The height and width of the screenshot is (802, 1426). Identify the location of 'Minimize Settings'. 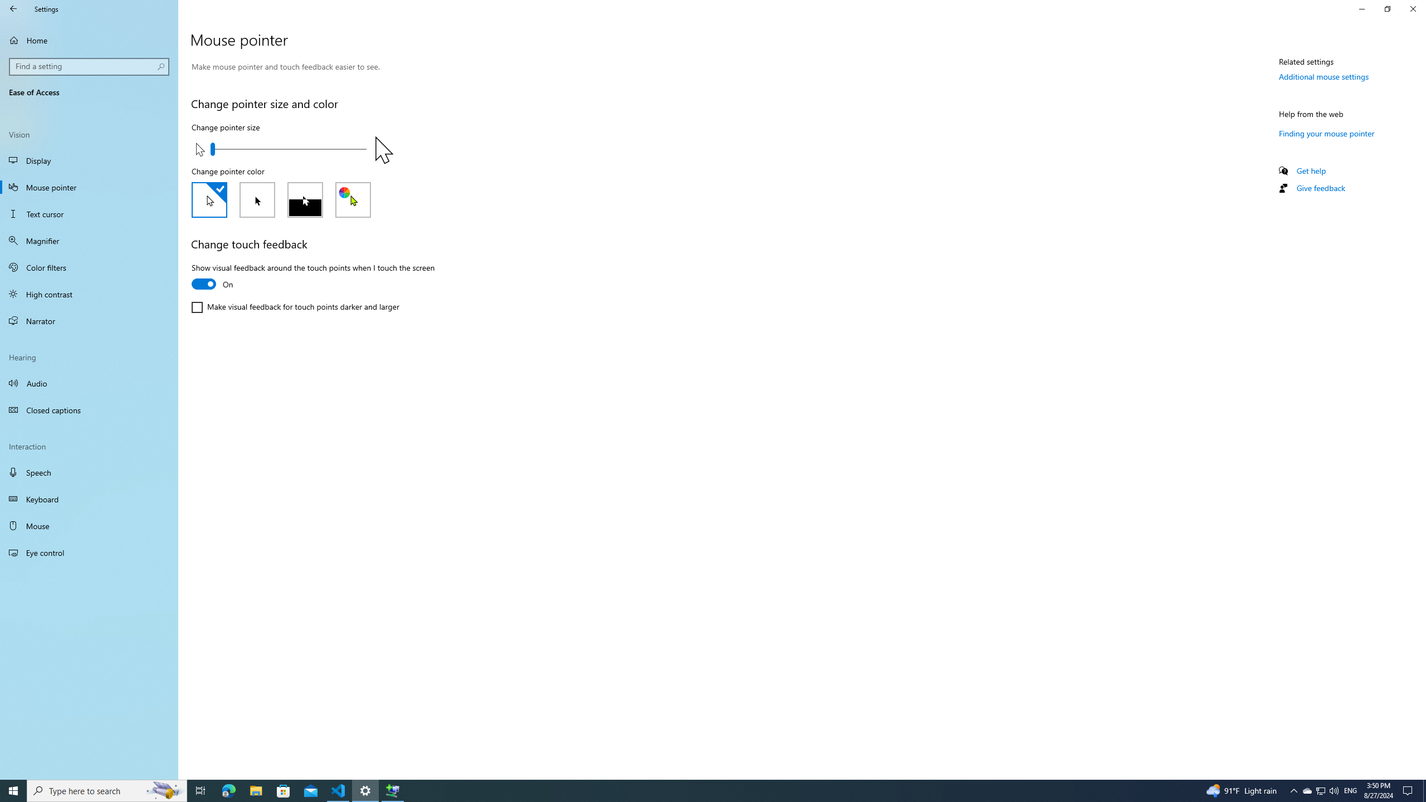
(1361, 8).